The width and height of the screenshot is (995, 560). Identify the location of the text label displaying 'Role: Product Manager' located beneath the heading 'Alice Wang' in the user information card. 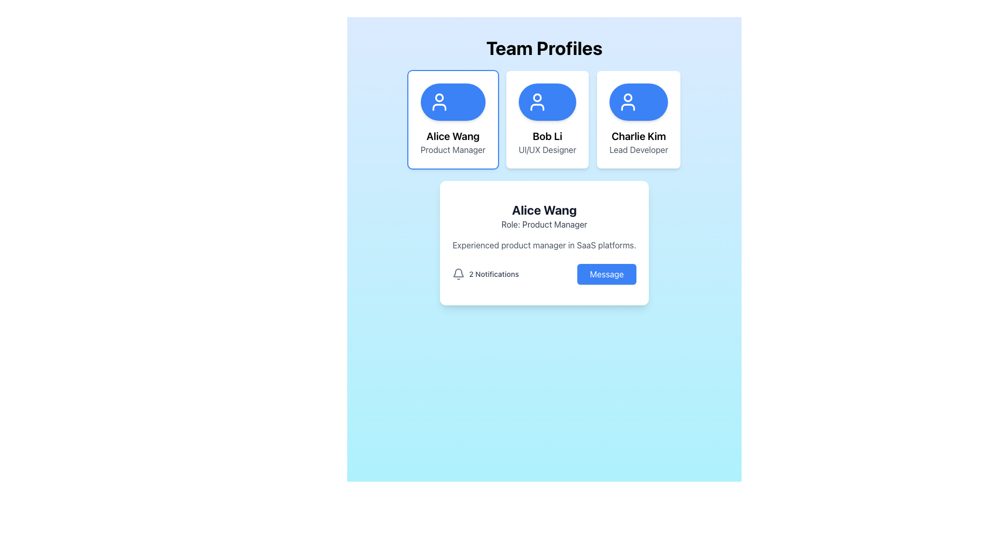
(544, 223).